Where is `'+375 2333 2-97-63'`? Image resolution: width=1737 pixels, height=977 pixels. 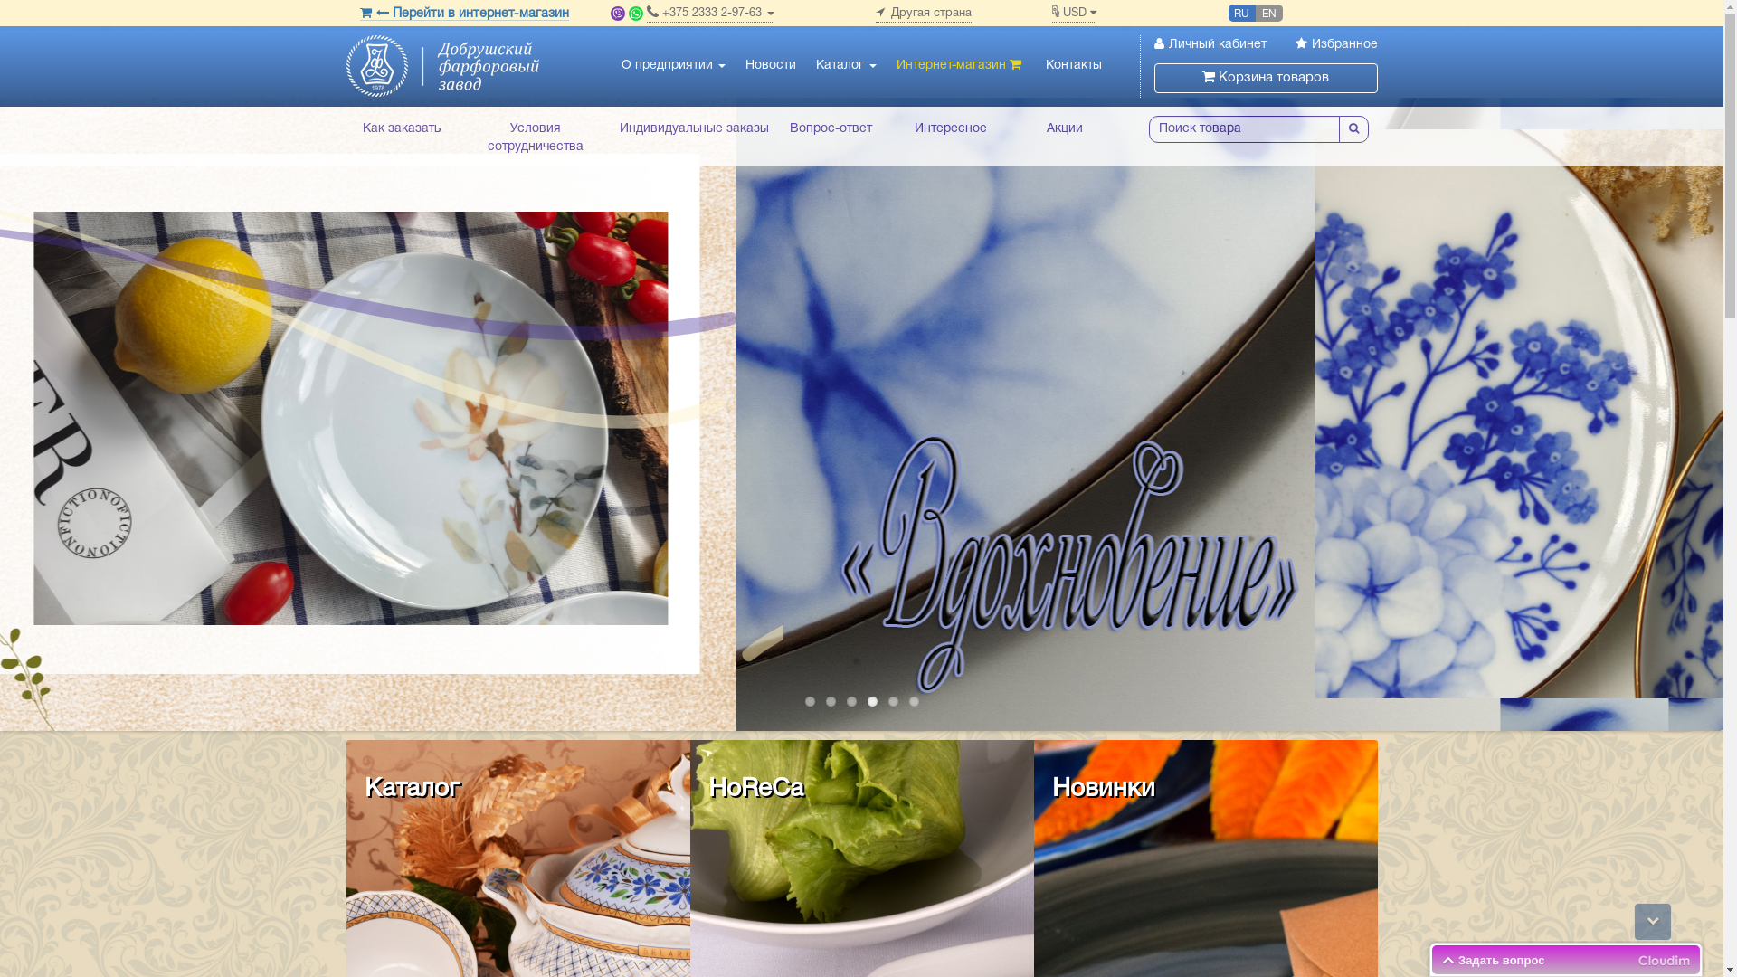
'+375 2333 2-97-63' is located at coordinates (647, 14).